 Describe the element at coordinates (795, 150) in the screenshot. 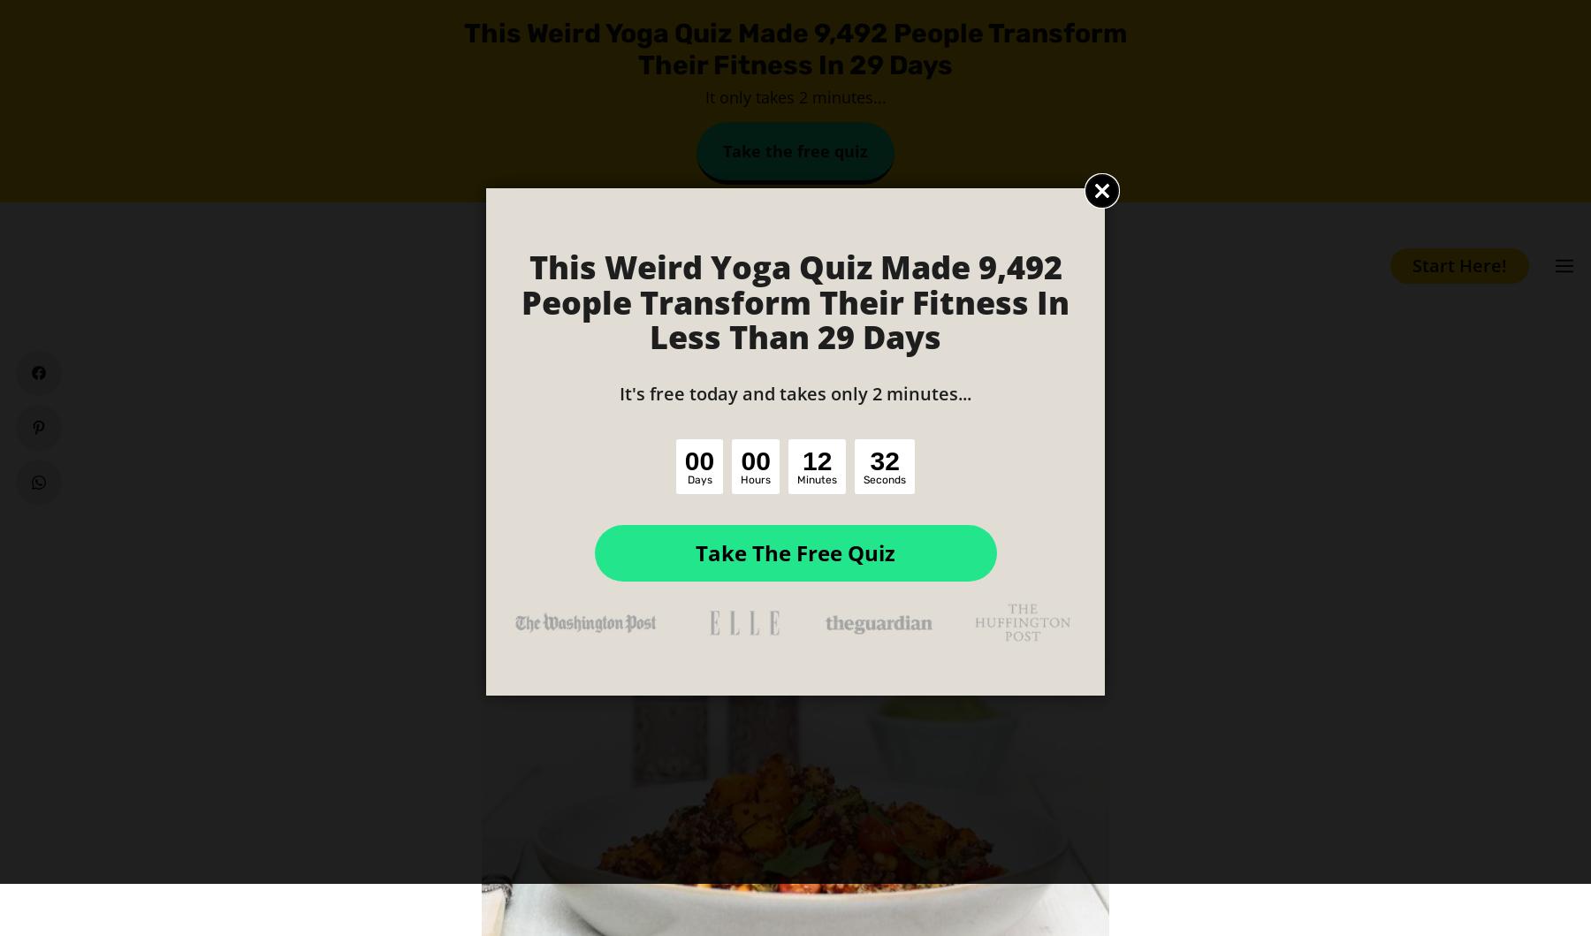

I see `'Take the free quiz'` at that location.